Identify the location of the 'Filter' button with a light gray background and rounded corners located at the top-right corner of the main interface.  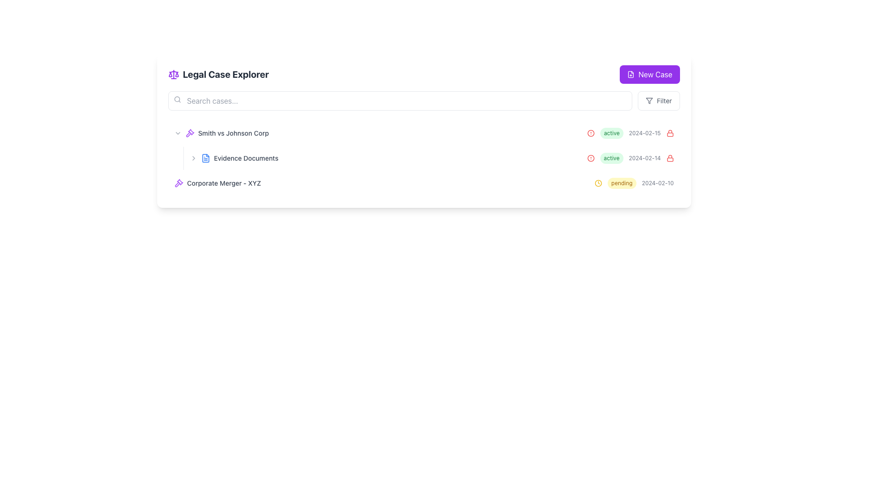
(658, 101).